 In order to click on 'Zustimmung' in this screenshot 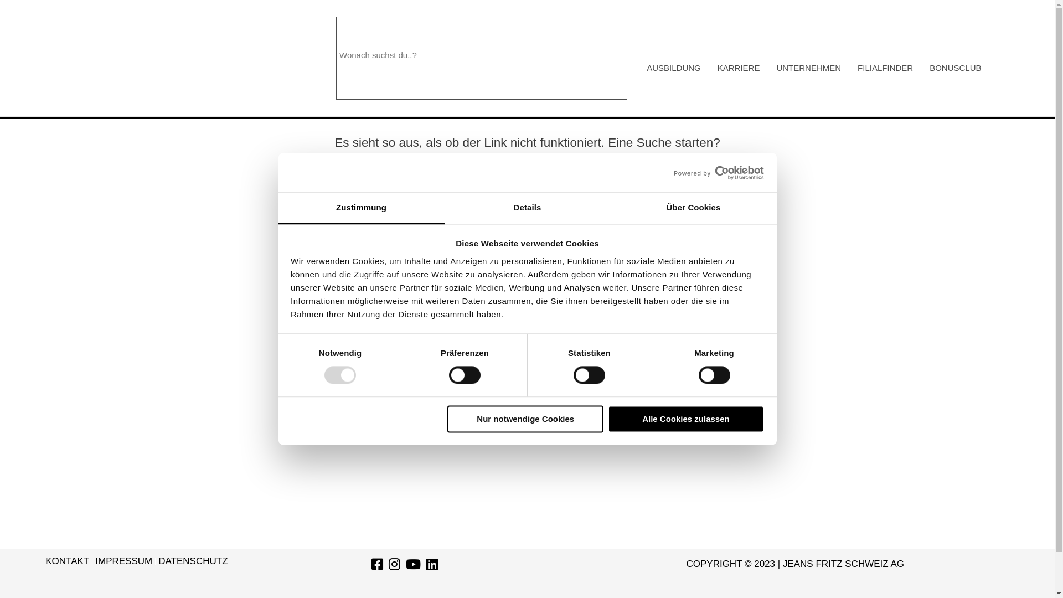, I will do `click(361, 208)`.